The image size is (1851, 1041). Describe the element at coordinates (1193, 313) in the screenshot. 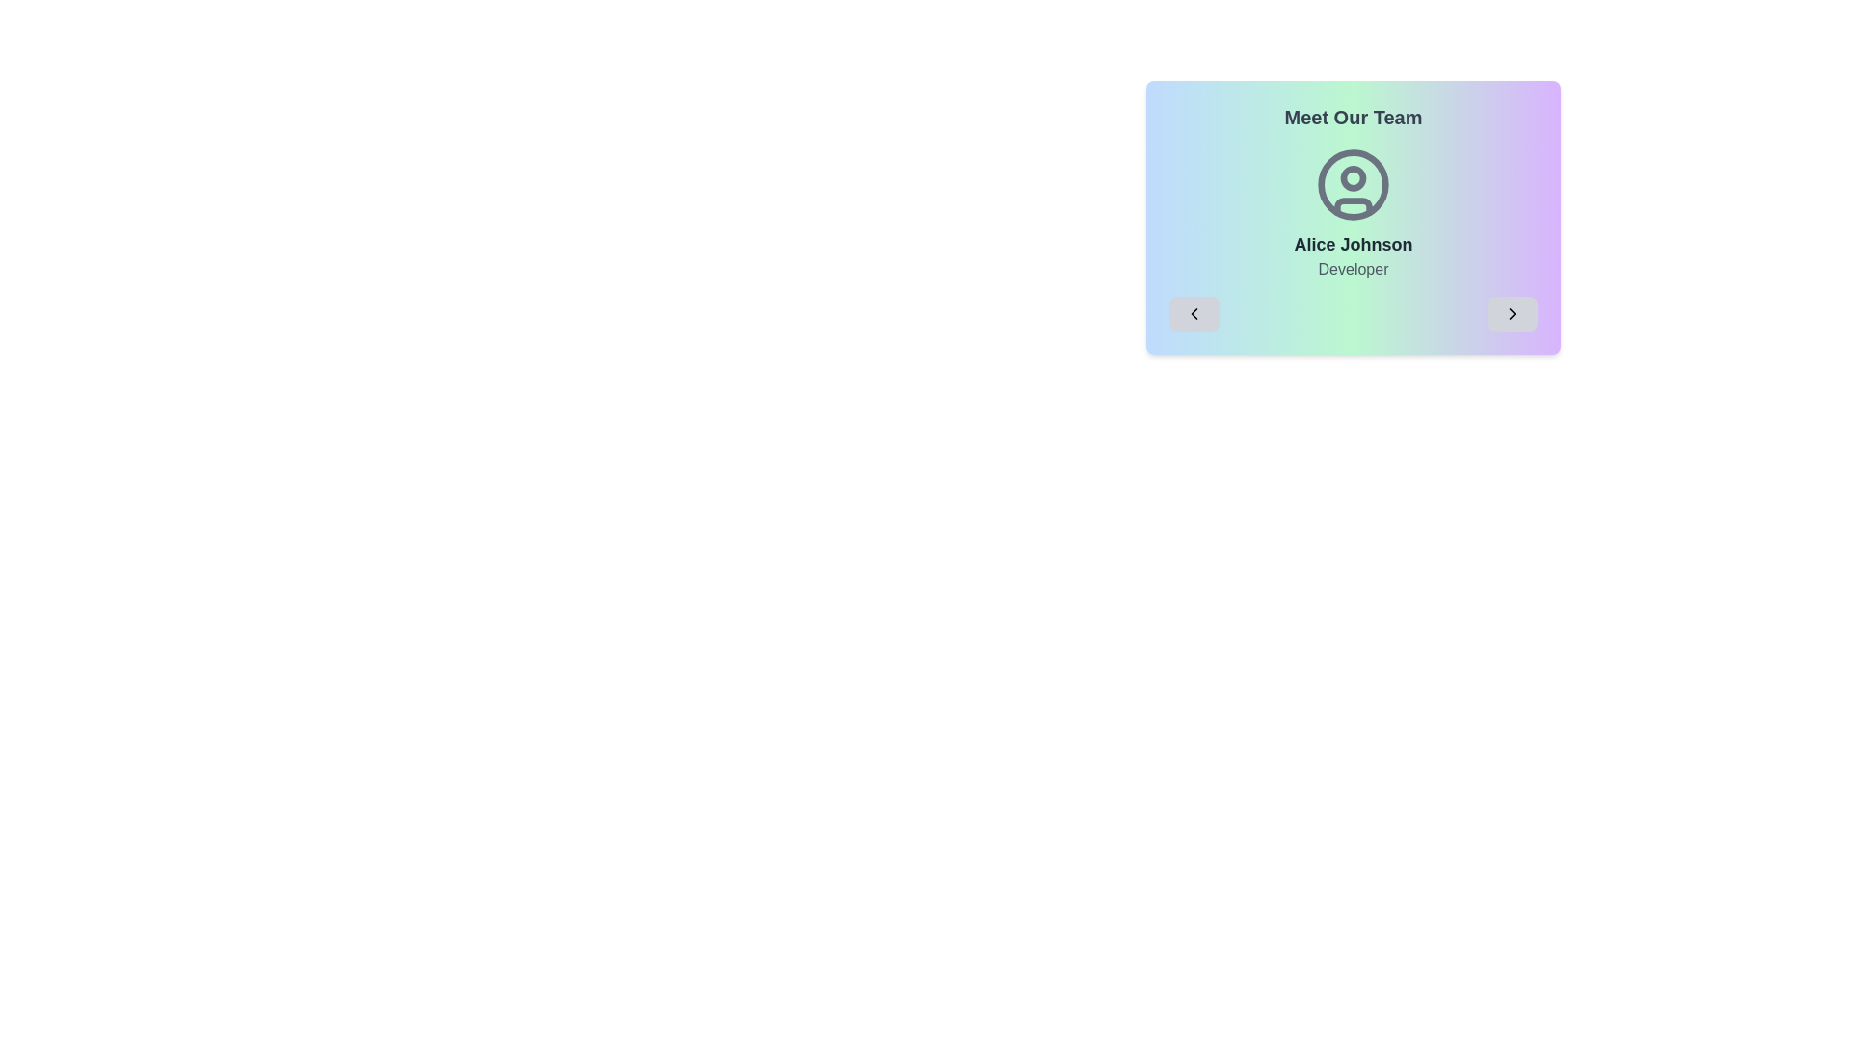

I see `the left-facing chevron arrow icon within the light-gray rounded rectangular button` at that location.